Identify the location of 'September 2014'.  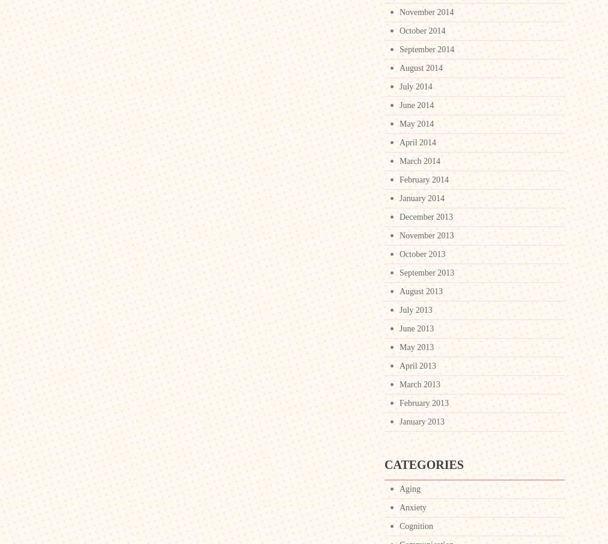
(427, 49).